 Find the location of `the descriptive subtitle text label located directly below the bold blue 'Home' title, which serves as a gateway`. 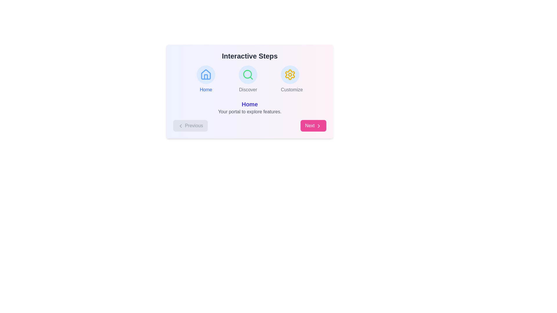

the descriptive subtitle text label located directly below the bold blue 'Home' title, which serves as a gateway is located at coordinates (249, 112).